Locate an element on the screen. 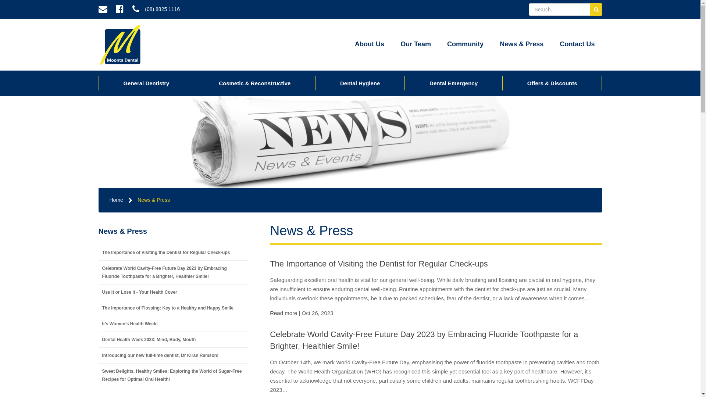 Image resolution: width=706 pixels, height=397 pixels. 'Our Team' is located at coordinates (416, 45).